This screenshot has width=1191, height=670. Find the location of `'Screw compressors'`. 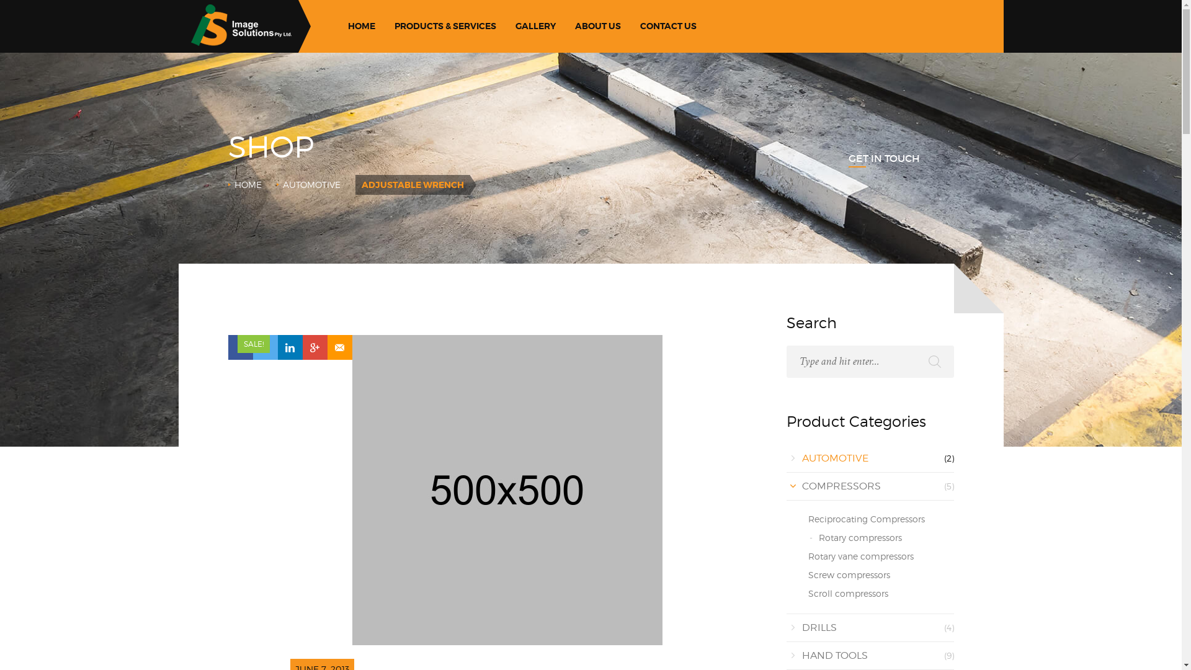

'Screw compressors' is located at coordinates (848, 574).